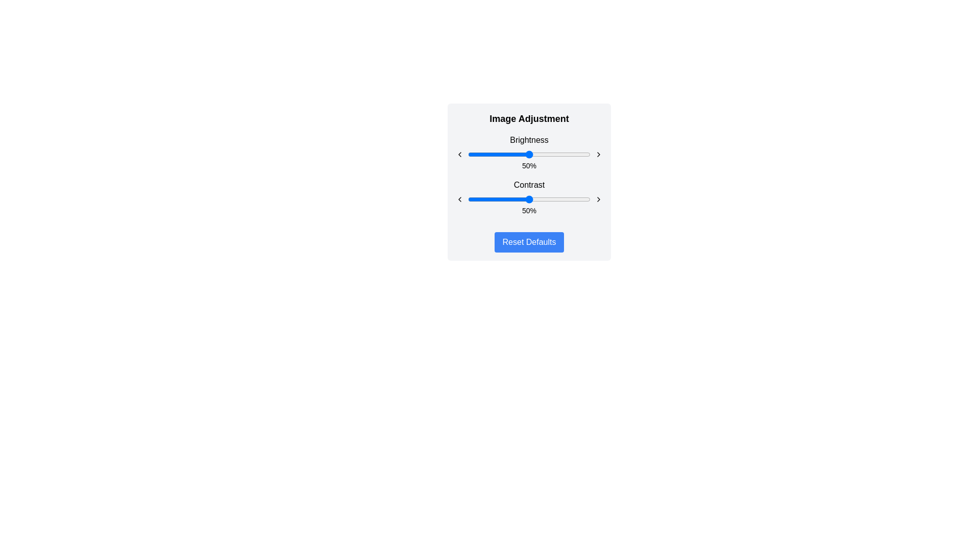 The image size is (980, 551). I want to click on brightness, so click(517, 155).